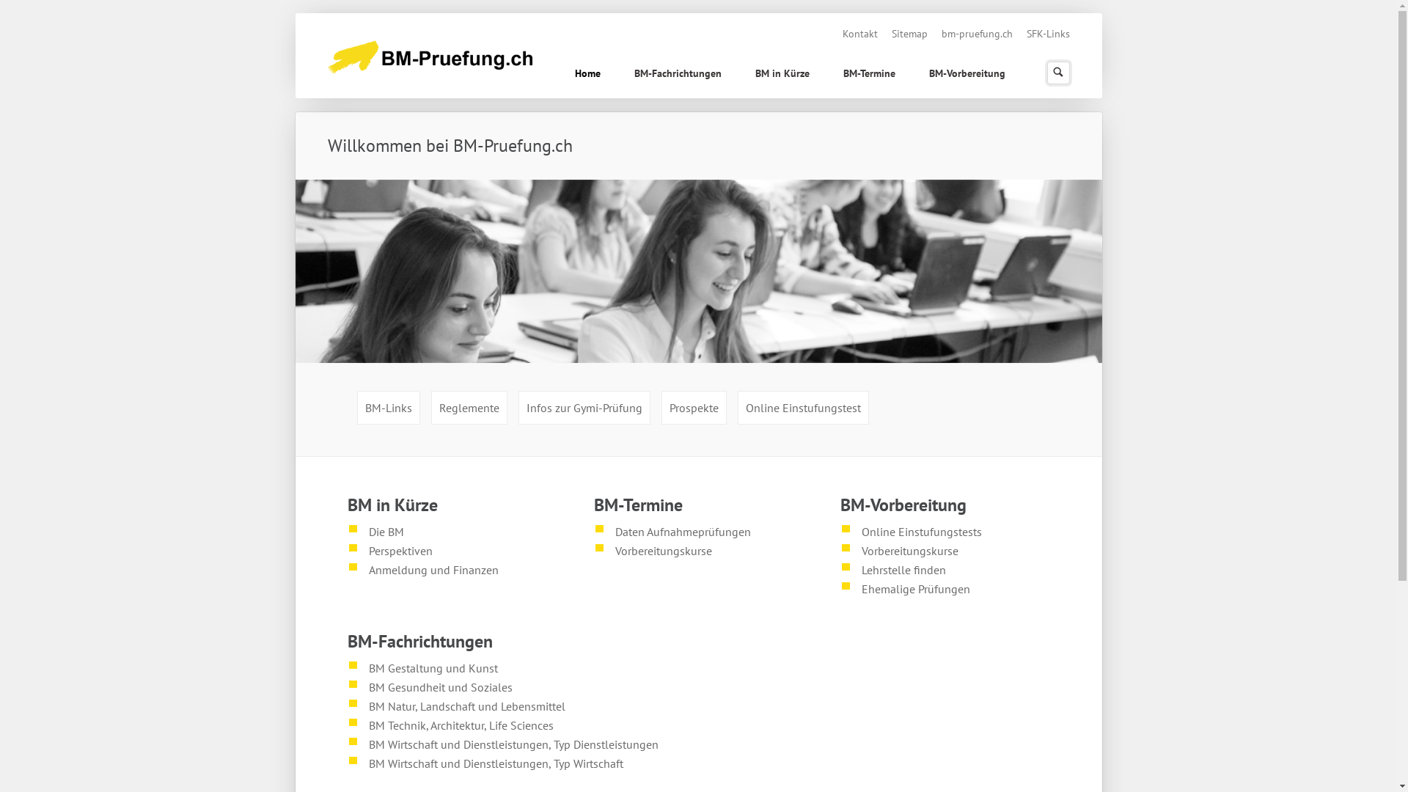 The height and width of the screenshot is (792, 1408). I want to click on 'BM-Vorbereitung', so click(967, 75).